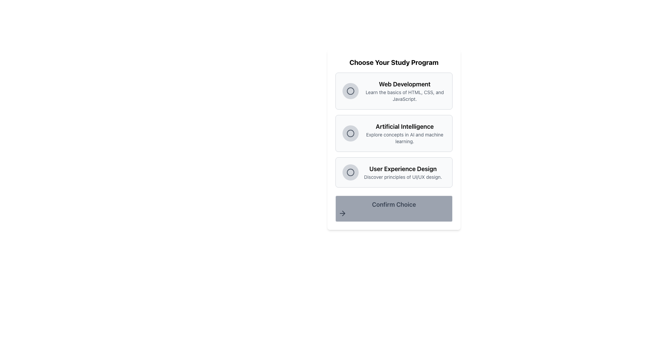 This screenshot has height=363, width=646. What do you see at coordinates (350, 91) in the screenshot?
I see `the circular radio button associated with 'Web Development'` at bounding box center [350, 91].